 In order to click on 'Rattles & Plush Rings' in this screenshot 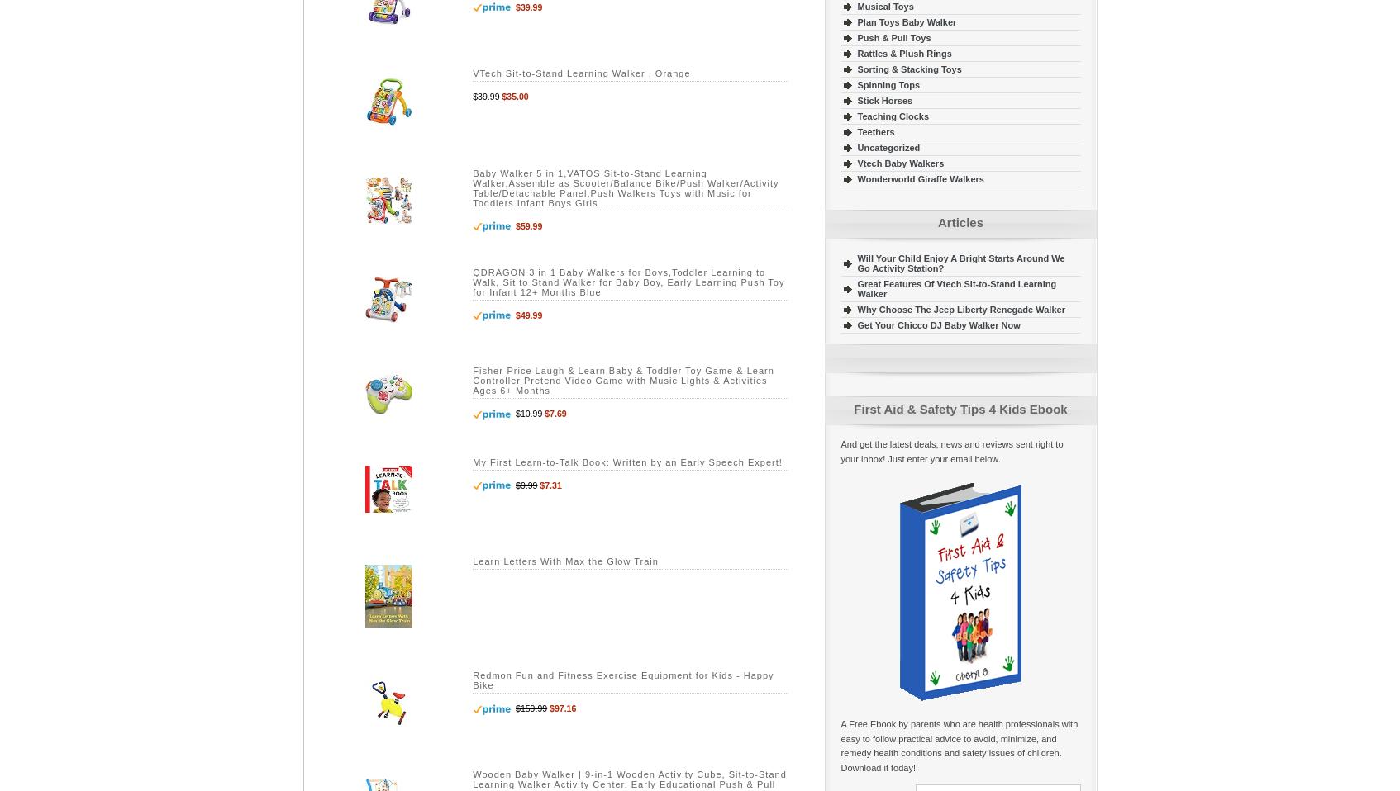, I will do `click(902, 52)`.